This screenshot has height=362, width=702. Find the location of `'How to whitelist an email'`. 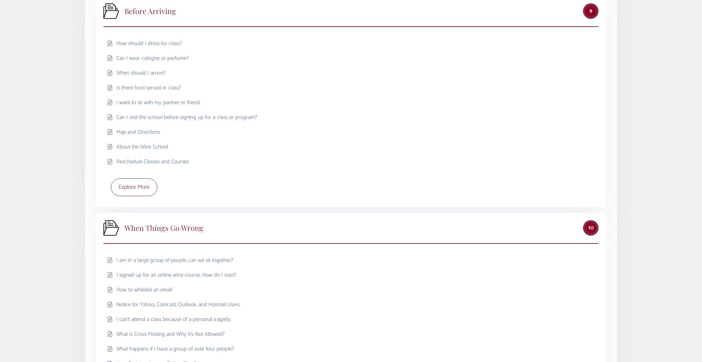

'How to whitelist an email' is located at coordinates (144, 289).